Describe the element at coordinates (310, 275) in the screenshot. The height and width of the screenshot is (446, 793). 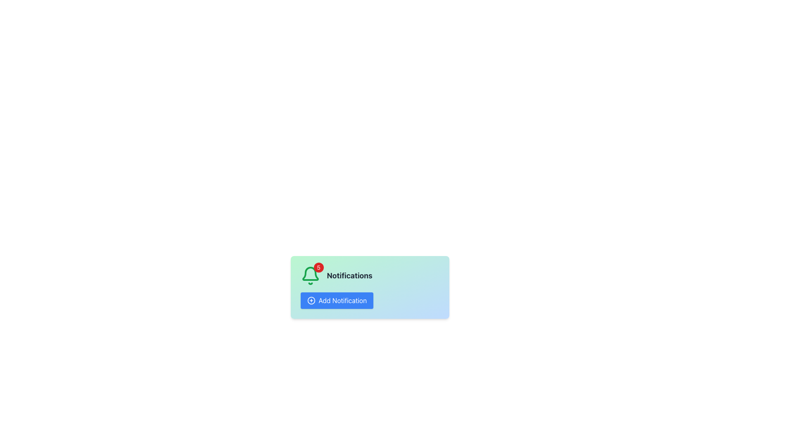
I see `the Notification icon with badge, which displays the number of pending or unread notifications` at that location.